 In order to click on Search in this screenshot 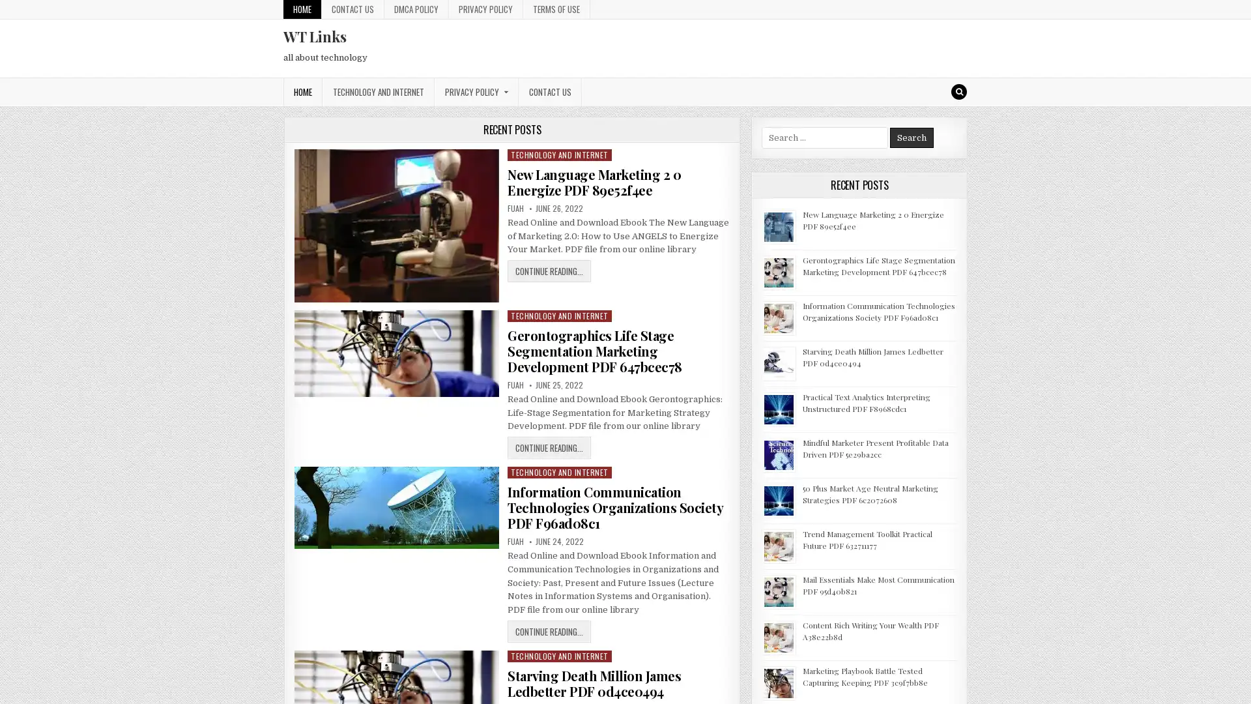, I will do `click(911, 138)`.